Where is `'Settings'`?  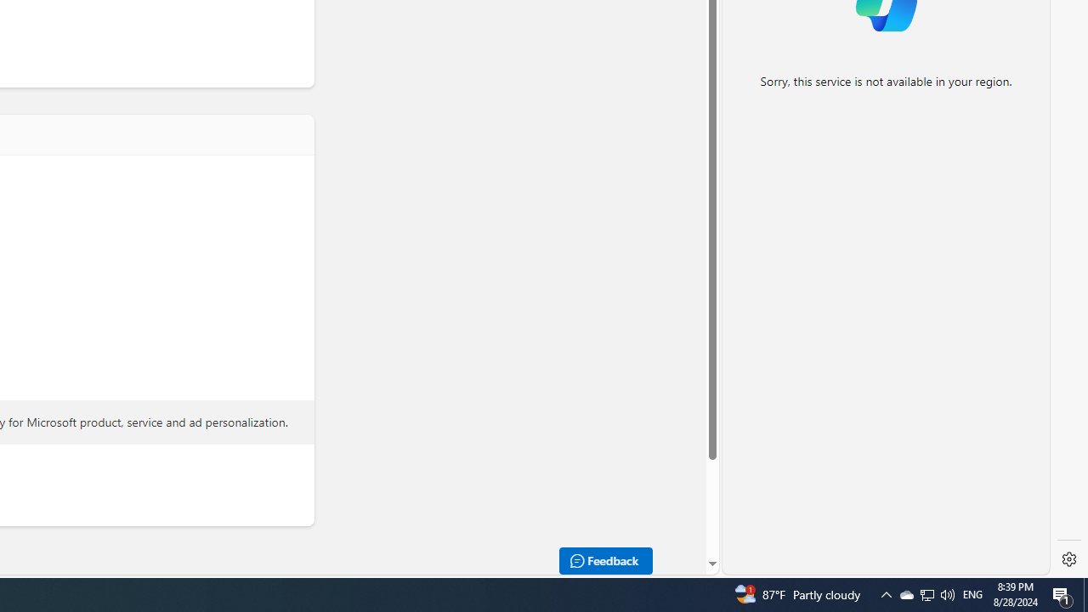 'Settings' is located at coordinates (1068, 559).